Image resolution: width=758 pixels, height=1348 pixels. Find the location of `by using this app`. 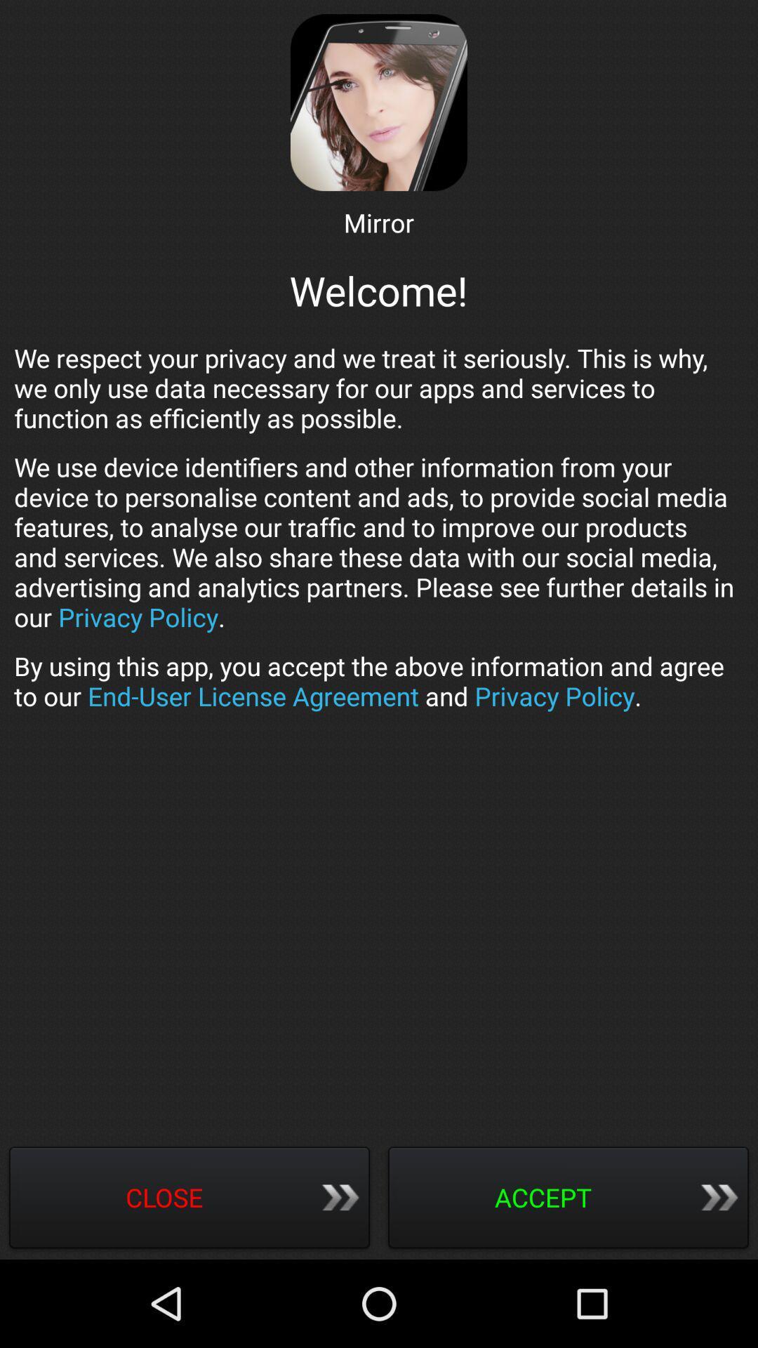

by using this app is located at coordinates (379, 681).